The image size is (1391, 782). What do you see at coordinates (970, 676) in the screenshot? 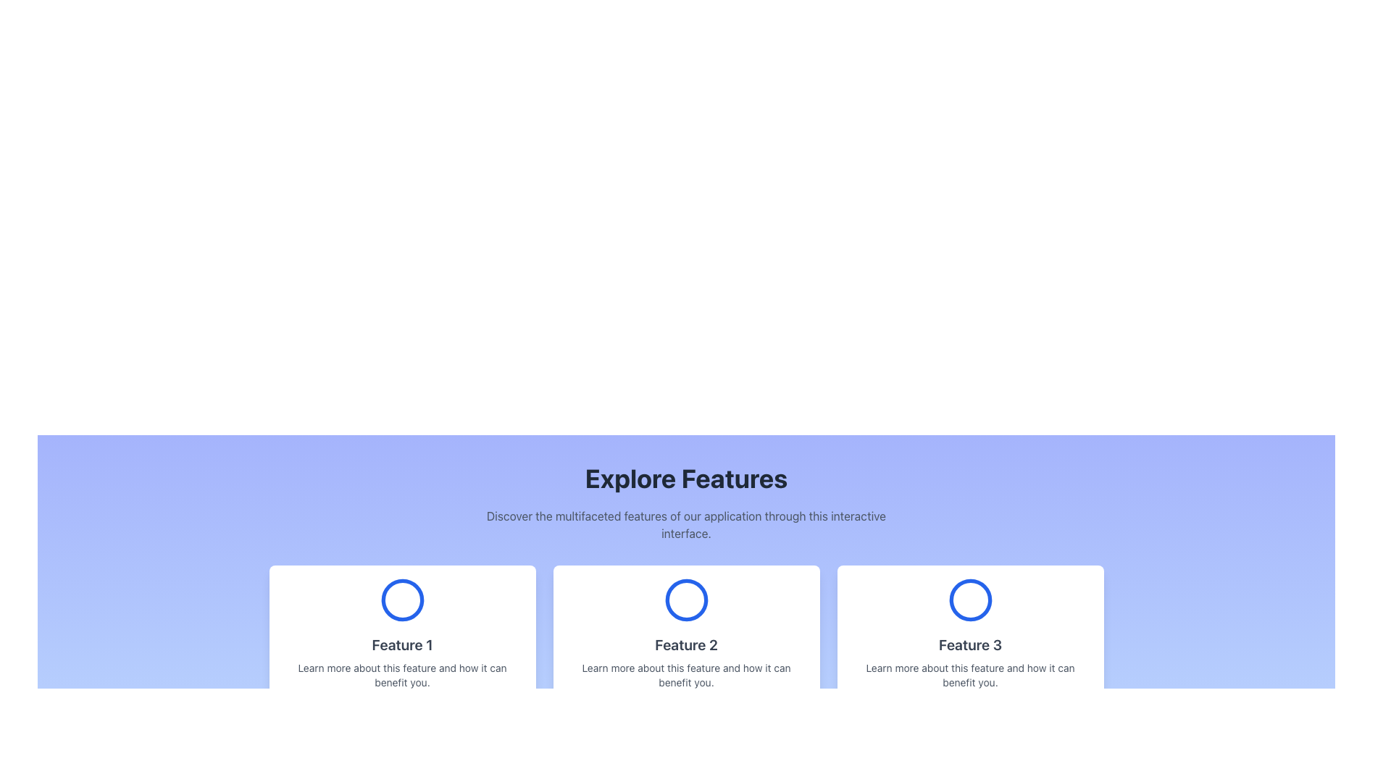
I see `the fourth Text Label element, which is located below the 'Feature 3' text and above the 'View Details' link` at bounding box center [970, 676].